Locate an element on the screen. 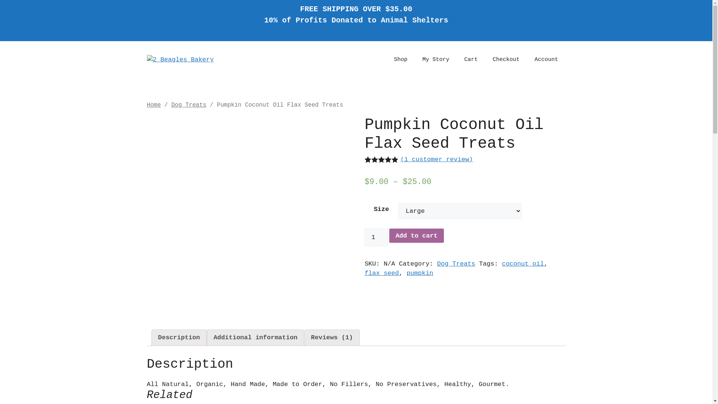 The height and width of the screenshot is (404, 718). 'Home' is located at coordinates (153, 105).